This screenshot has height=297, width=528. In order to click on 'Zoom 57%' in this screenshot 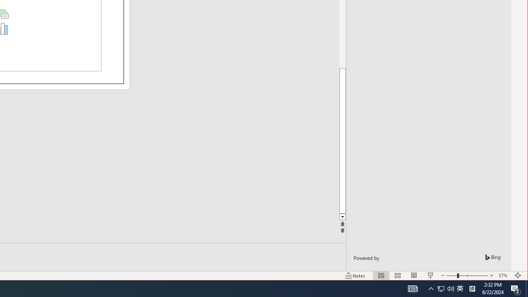, I will do `click(504, 276)`.